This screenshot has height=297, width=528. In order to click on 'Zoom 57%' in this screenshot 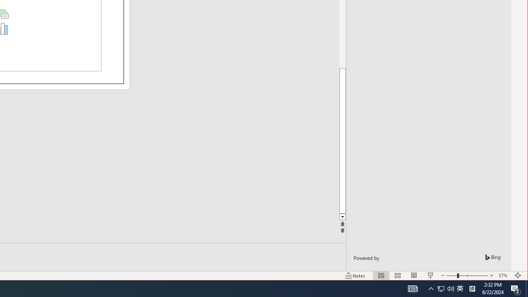, I will do `click(504, 276)`.